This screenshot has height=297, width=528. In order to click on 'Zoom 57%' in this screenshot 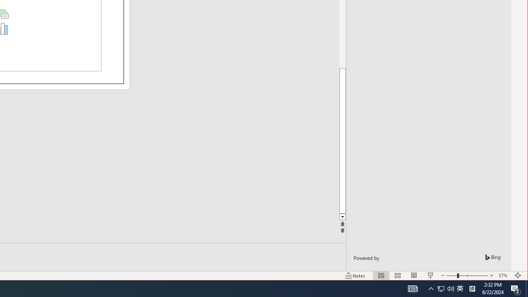, I will do `click(504, 276)`.